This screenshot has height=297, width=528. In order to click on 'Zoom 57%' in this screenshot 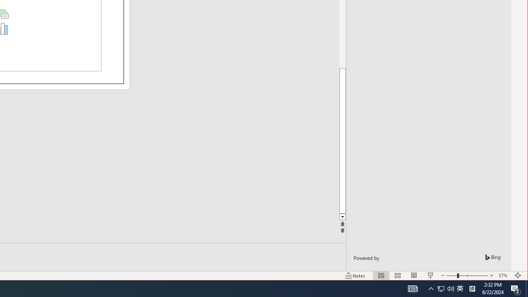, I will do `click(504, 276)`.